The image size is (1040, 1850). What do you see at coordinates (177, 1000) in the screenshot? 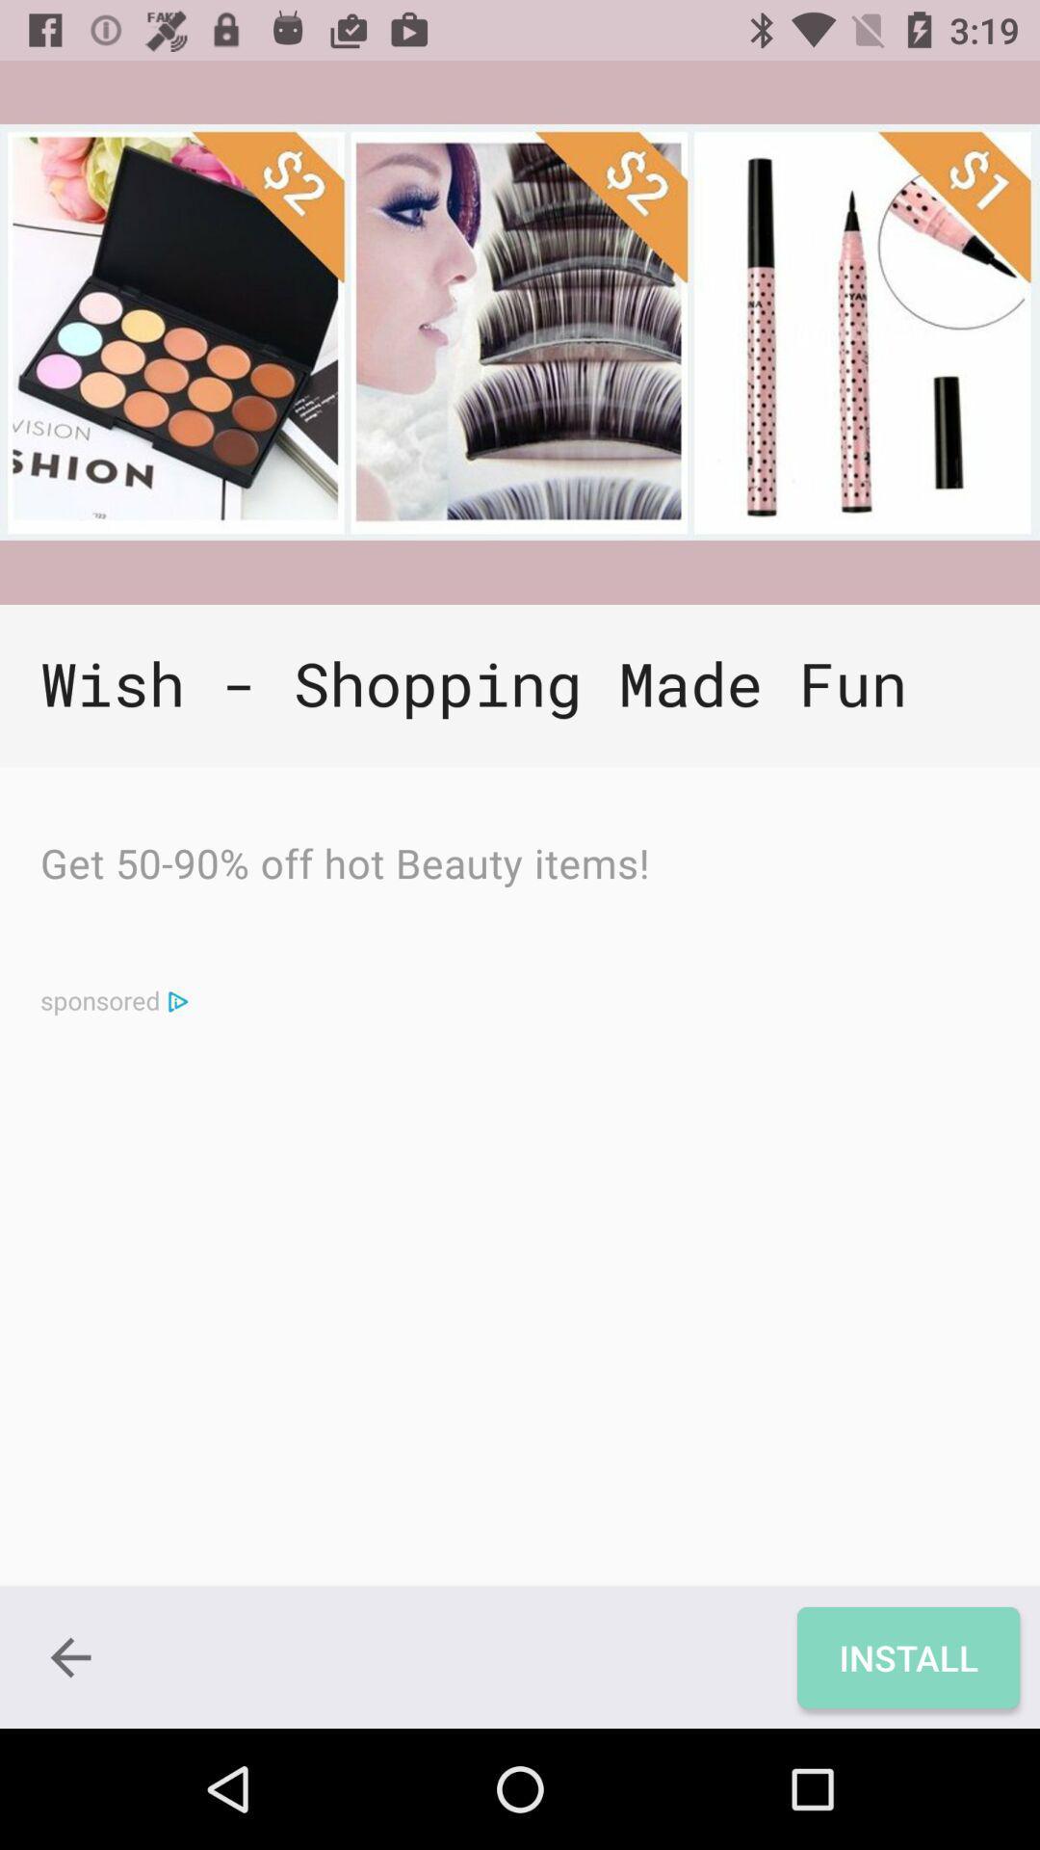
I see `icon next to the sponsored` at bounding box center [177, 1000].